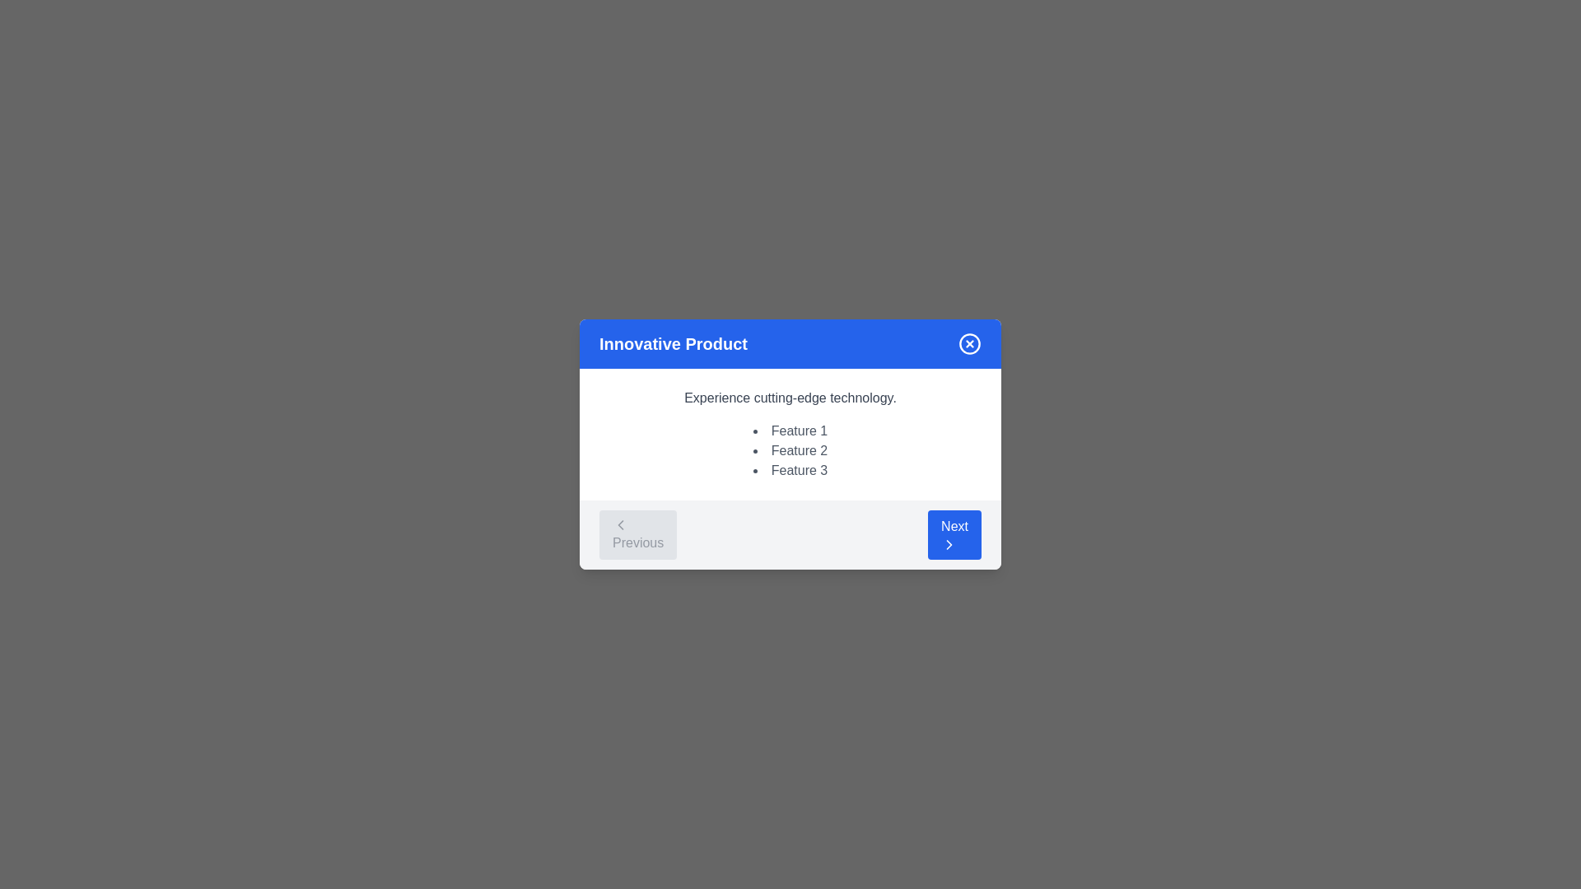  What do you see at coordinates (790, 450) in the screenshot?
I see `the text element displaying 'Feature 2', which is the second item in a bullet-point list within a dialog box` at bounding box center [790, 450].